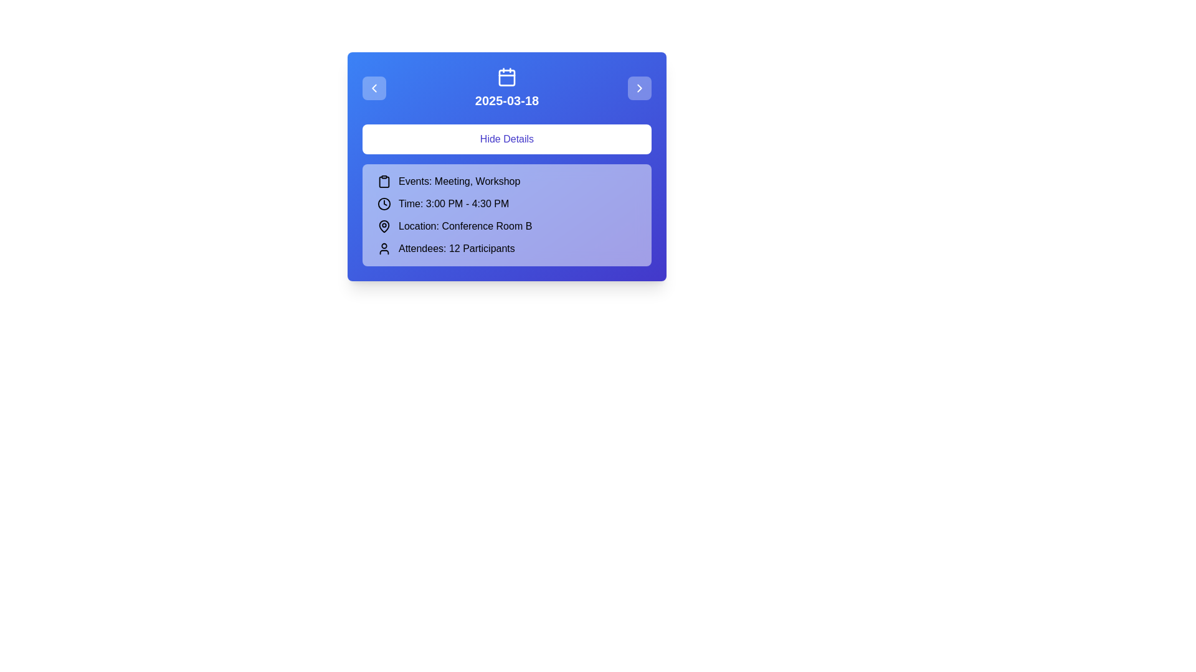 The width and height of the screenshot is (1196, 672). I want to click on the Information label containing the icon of a person and the text 'Attendees: 12 Participants', so click(507, 249).